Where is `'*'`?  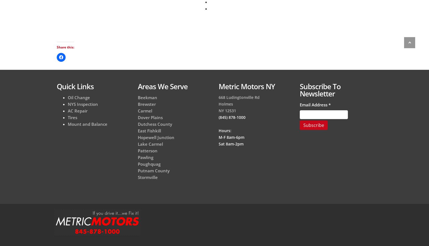 '*' is located at coordinates (328, 104).